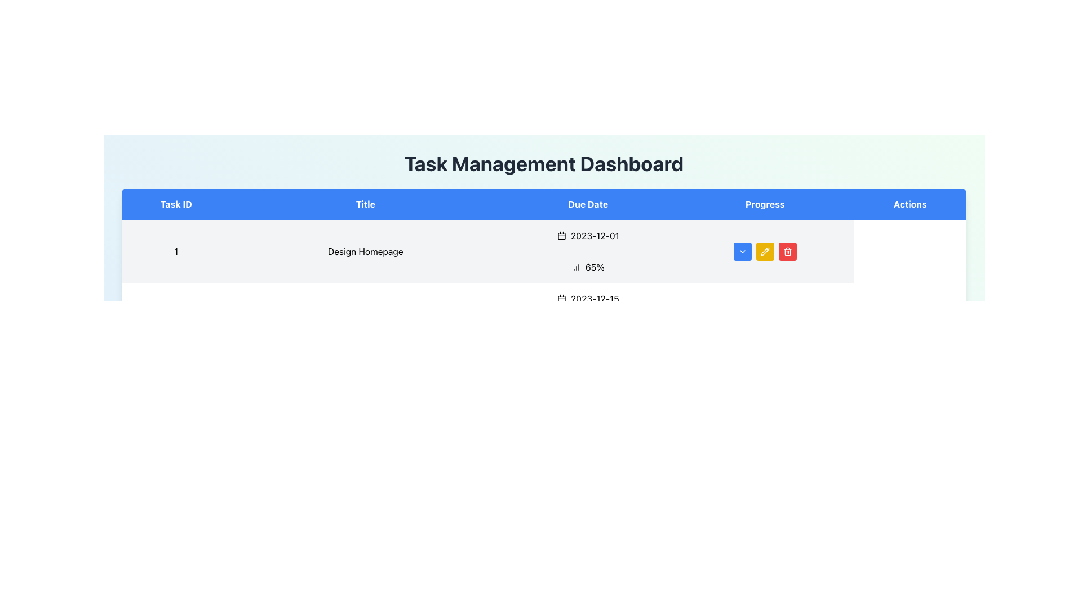 This screenshot has height=608, width=1082. Describe the element at coordinates (561, 298) in the screenshot. I see `the calendar icon located to the left of the date '2023-12-15' in the 'Due Date' column` at that location.